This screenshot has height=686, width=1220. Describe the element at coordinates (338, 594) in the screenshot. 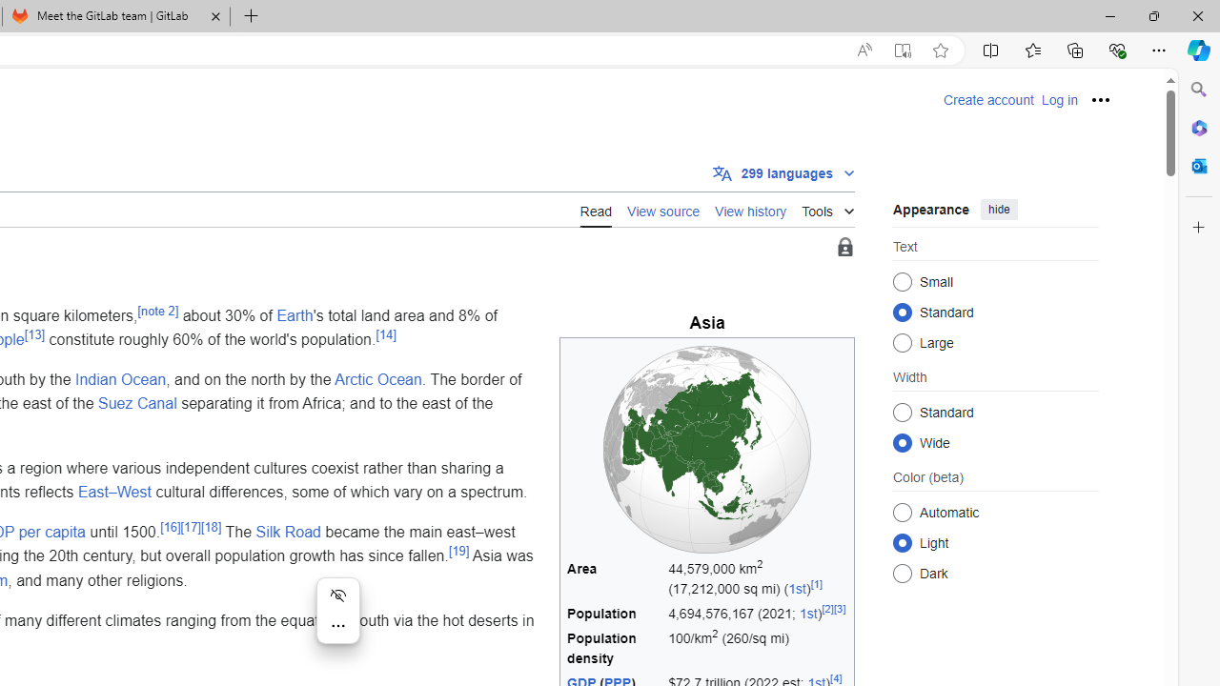

I see `'Hide menu'` at that location.